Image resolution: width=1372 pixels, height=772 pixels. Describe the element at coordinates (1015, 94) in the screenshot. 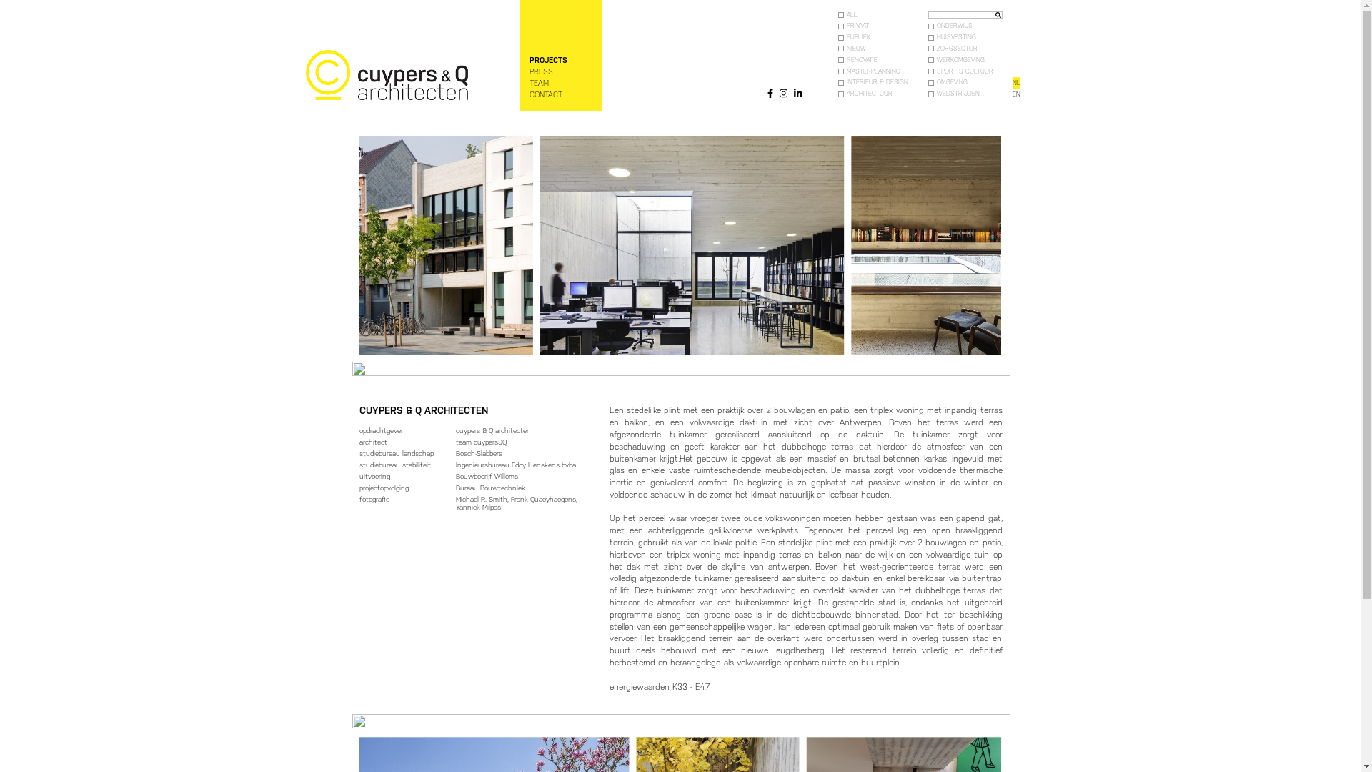

I see `'EN'` at that location.